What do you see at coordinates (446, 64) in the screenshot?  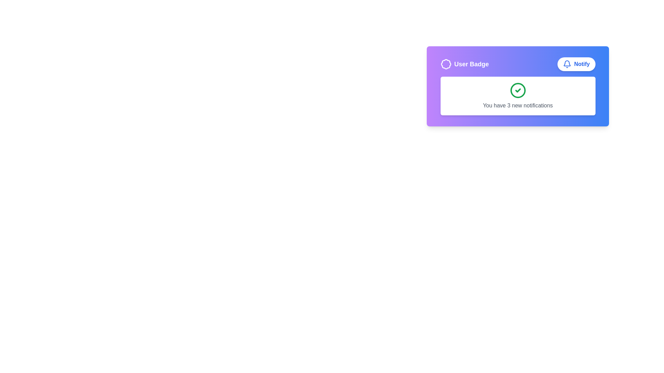 I see `the circular badge with a scalloped edge design, which is styled in white and positioned within the purple rectangular card at the top left corner, located to the left of the 'User Badge' label text` at bounding box center [446, 64].